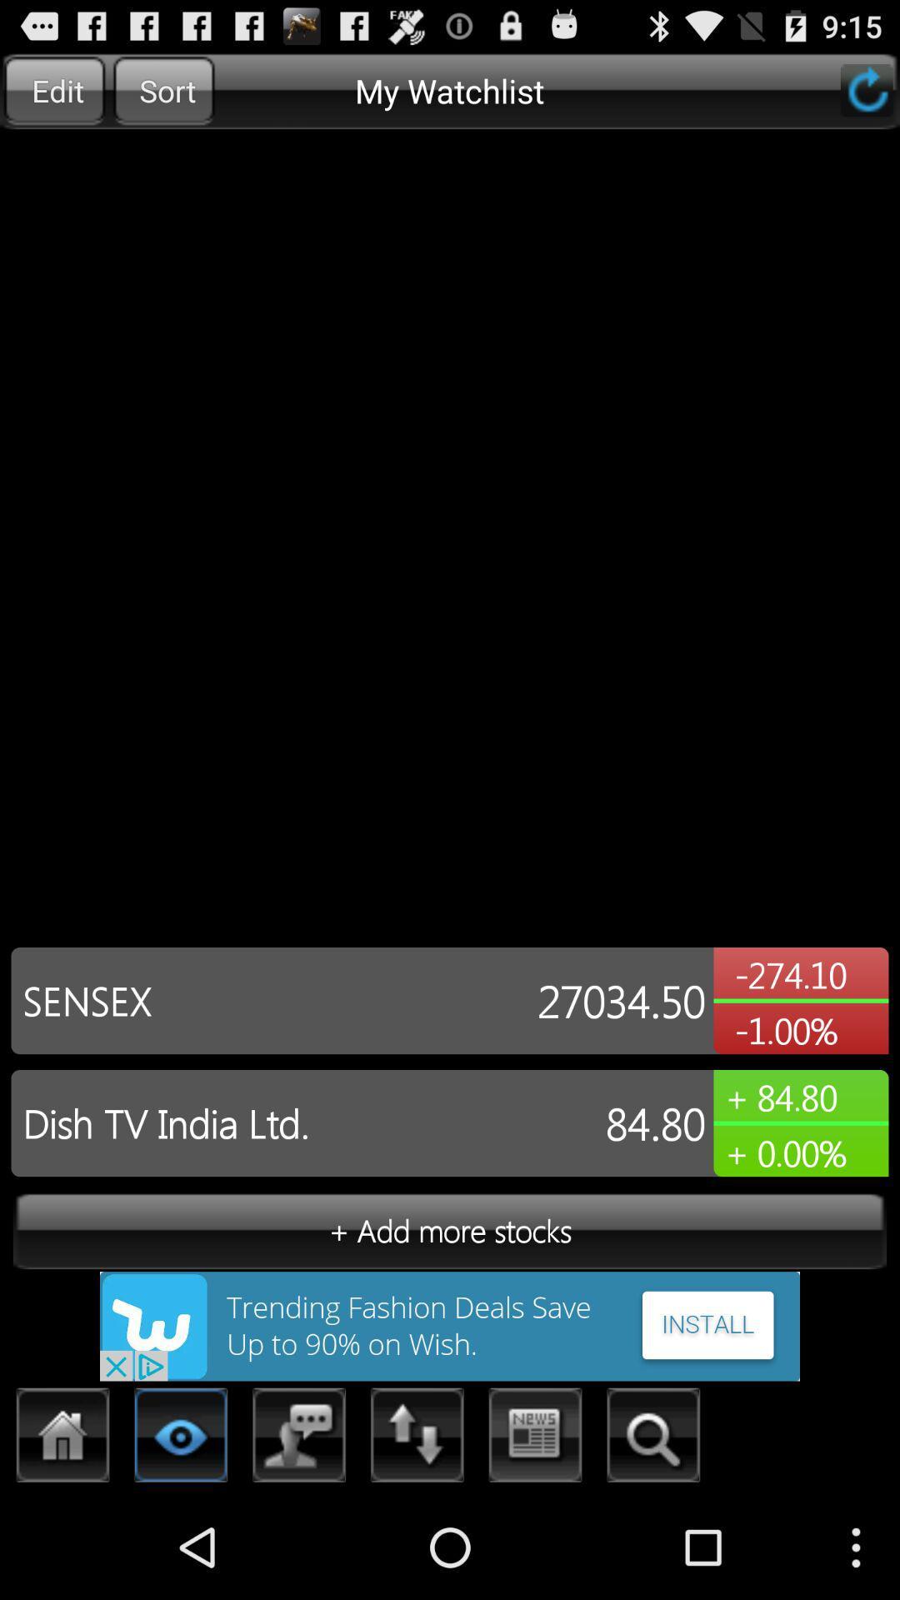  What do you see at coordinates (866, 89) in the screenshot?
I see `refresh the page` at bounding box center [866, 89].